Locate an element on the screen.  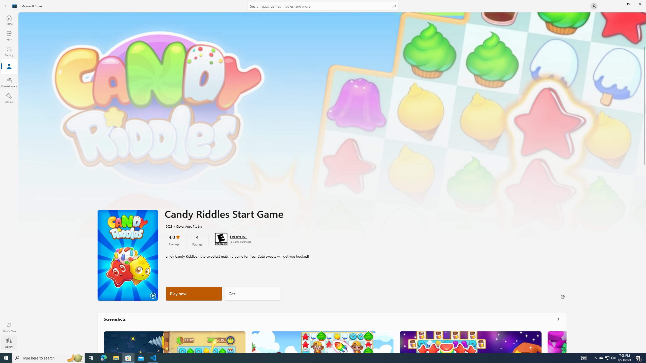
'Vertical Small Decrease' is located at coordinates (644, 14).